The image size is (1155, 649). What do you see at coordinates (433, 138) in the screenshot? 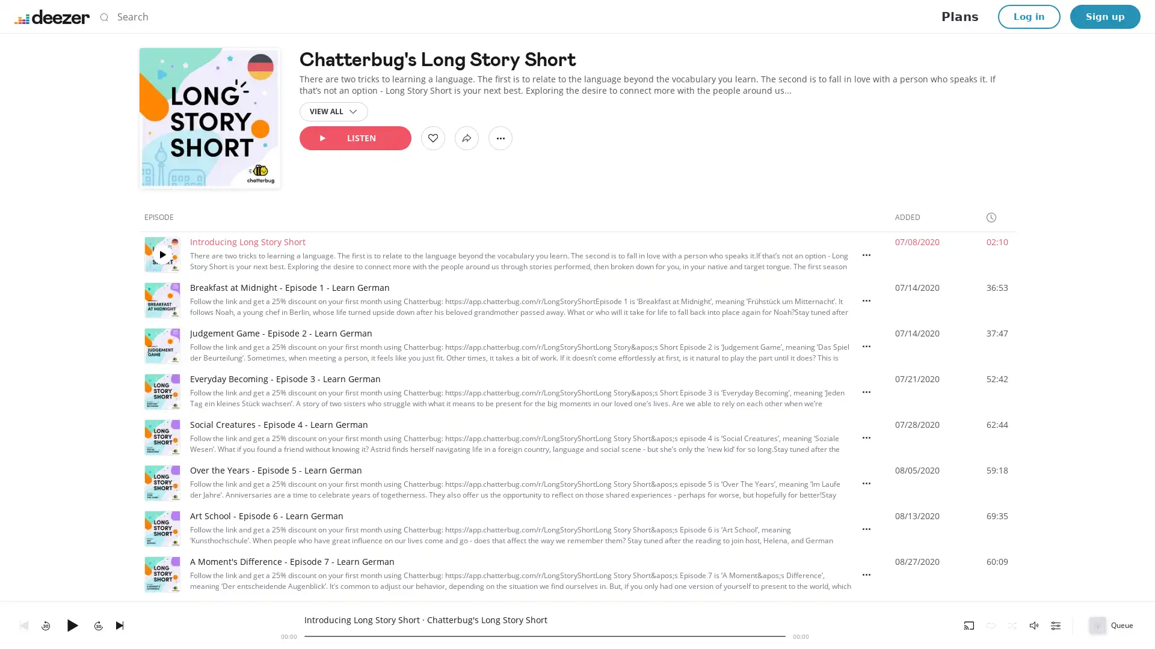
I see `Add` at bounding box center [433, 138].